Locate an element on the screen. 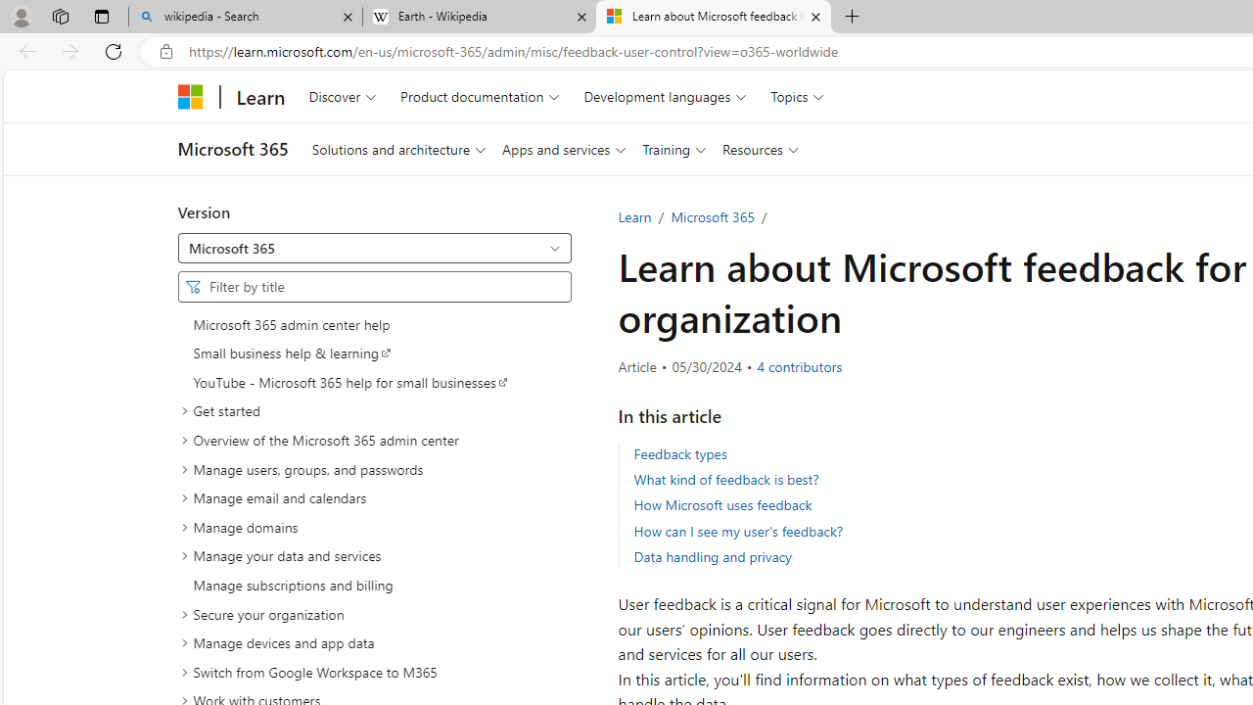 Image resolution: width=1253 pixels, height=705 pixels. 'Discover' is located at coordinates (343, 96).